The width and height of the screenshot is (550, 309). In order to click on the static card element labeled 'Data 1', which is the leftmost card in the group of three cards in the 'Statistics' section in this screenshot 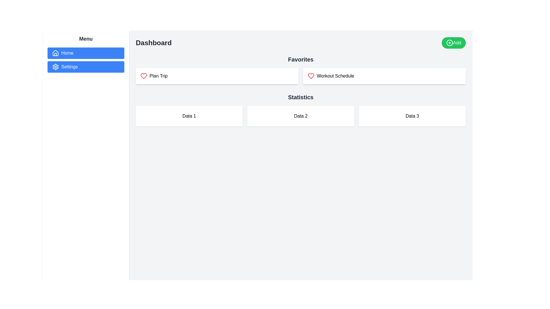, I will do `click(189, 116)`.